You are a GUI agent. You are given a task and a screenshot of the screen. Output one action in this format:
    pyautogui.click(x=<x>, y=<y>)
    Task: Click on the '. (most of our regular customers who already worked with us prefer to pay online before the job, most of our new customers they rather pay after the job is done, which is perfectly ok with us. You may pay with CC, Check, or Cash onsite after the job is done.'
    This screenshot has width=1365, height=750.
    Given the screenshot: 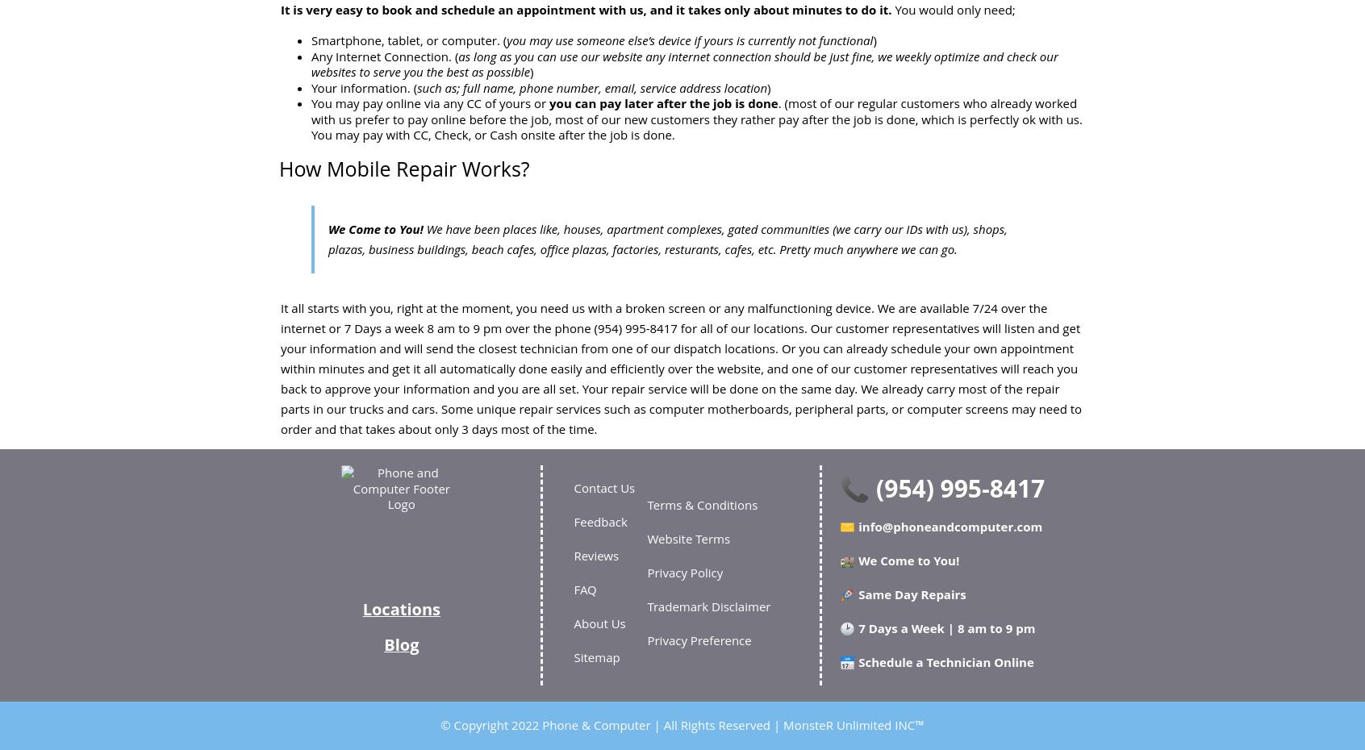 What is the action you would take?
    pyautogui.click(x=695, y=119)
    